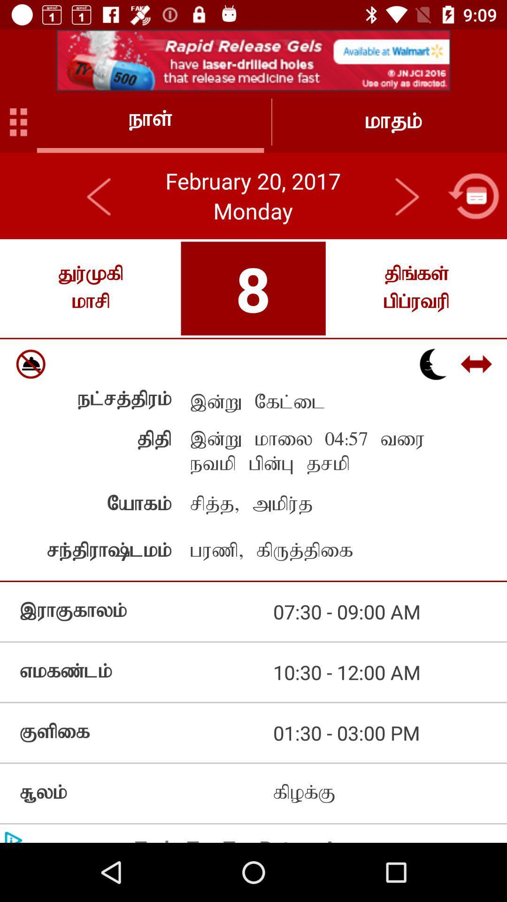 The image size is (507, 902). I want to click on next, so click(406, 195).